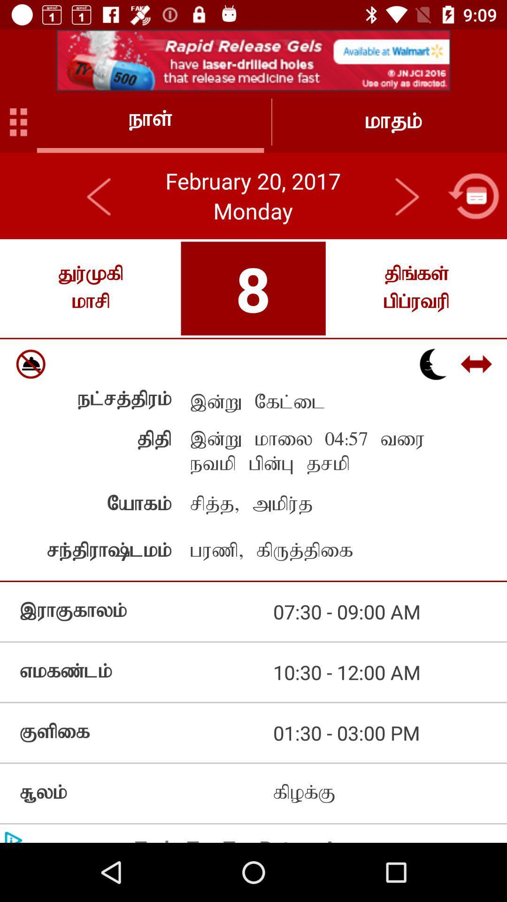 The image size is (507, 902). I want to click on next, so click(406, 195).